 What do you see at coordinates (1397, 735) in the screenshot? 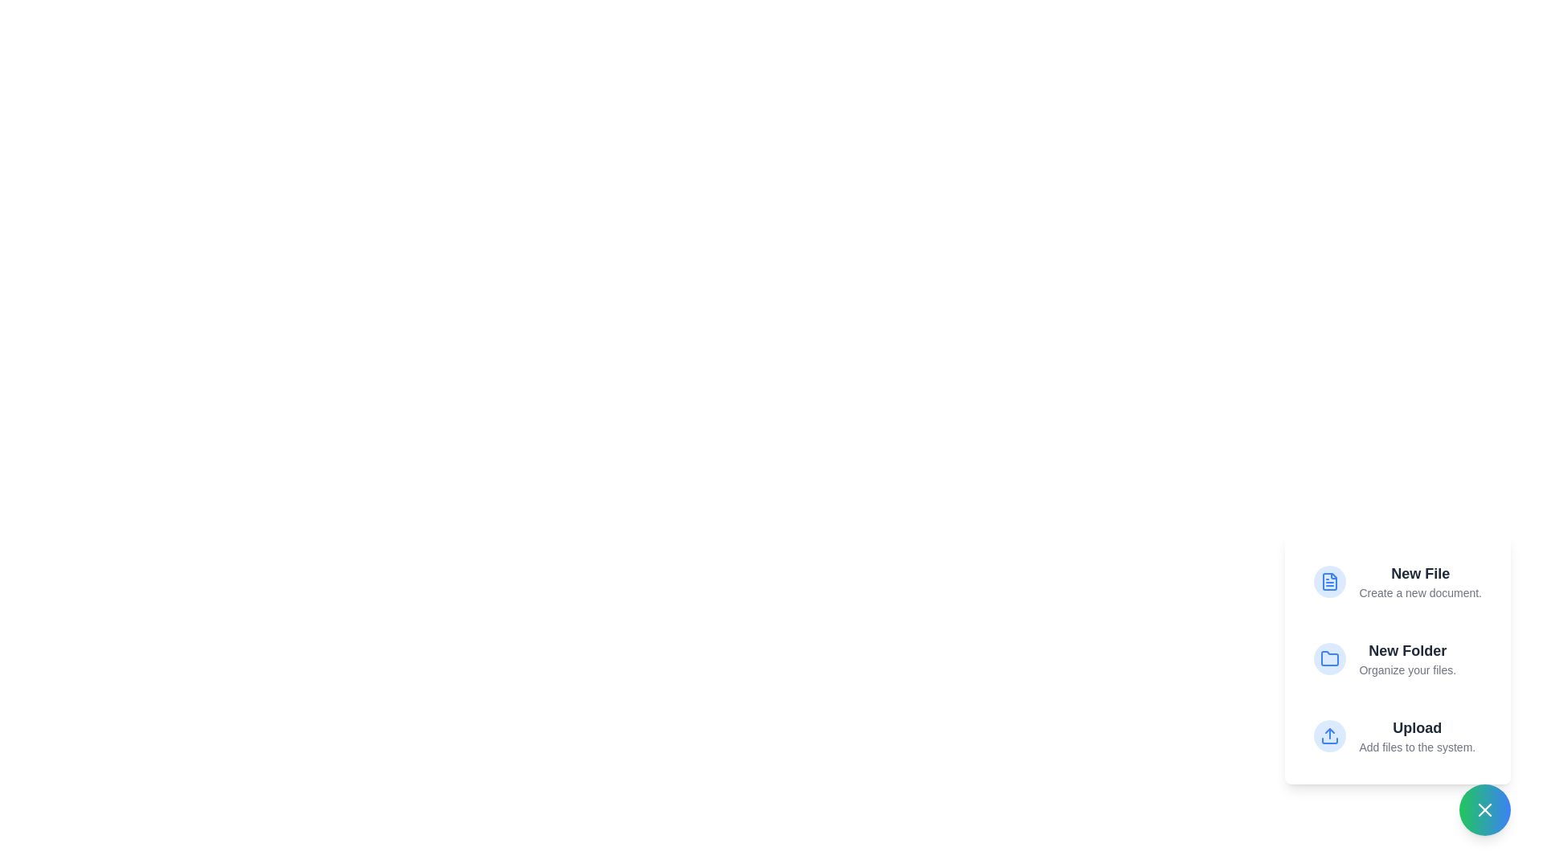
I see `the 'Upload' option to add files to the system` at bounding box center [1397, 735].